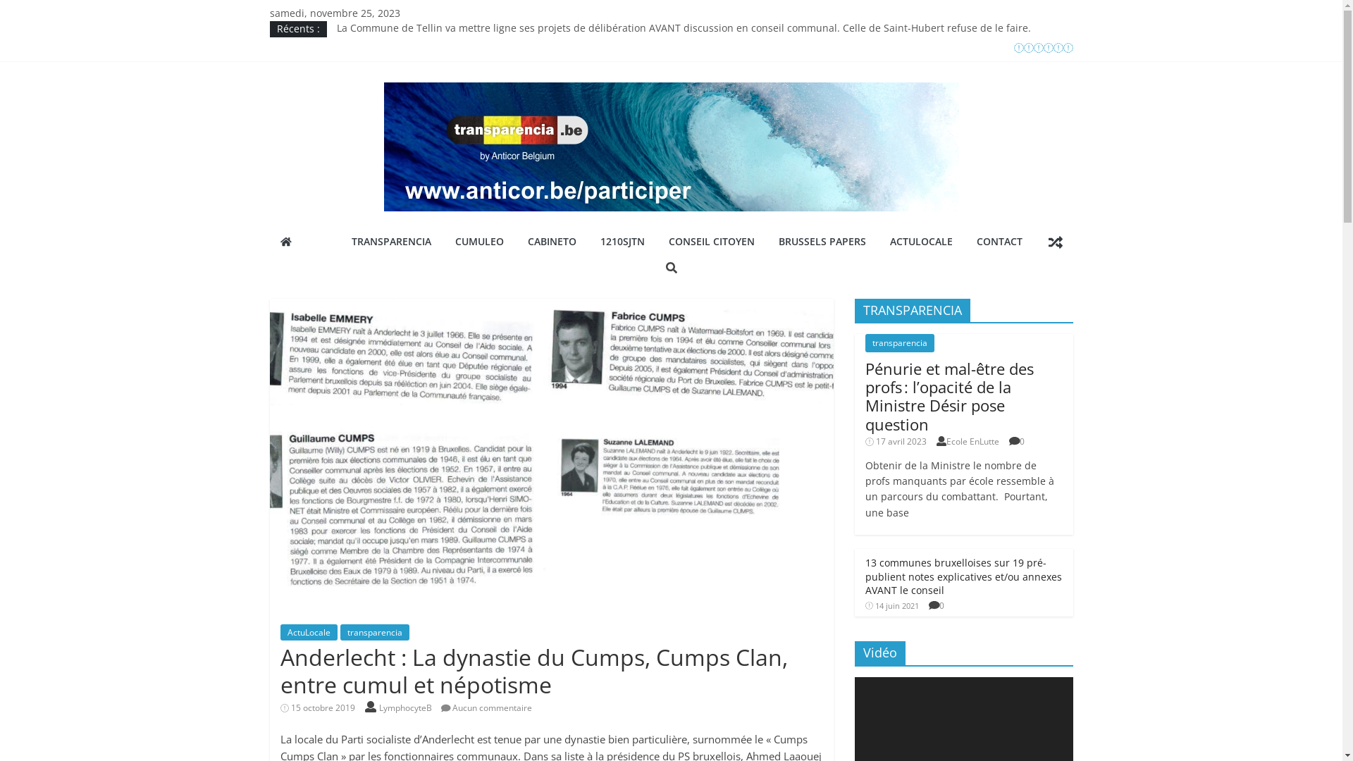 The height and width of the screenshot is (761, 1353). I want to click on '14 juin 2021', so click(891, 605).